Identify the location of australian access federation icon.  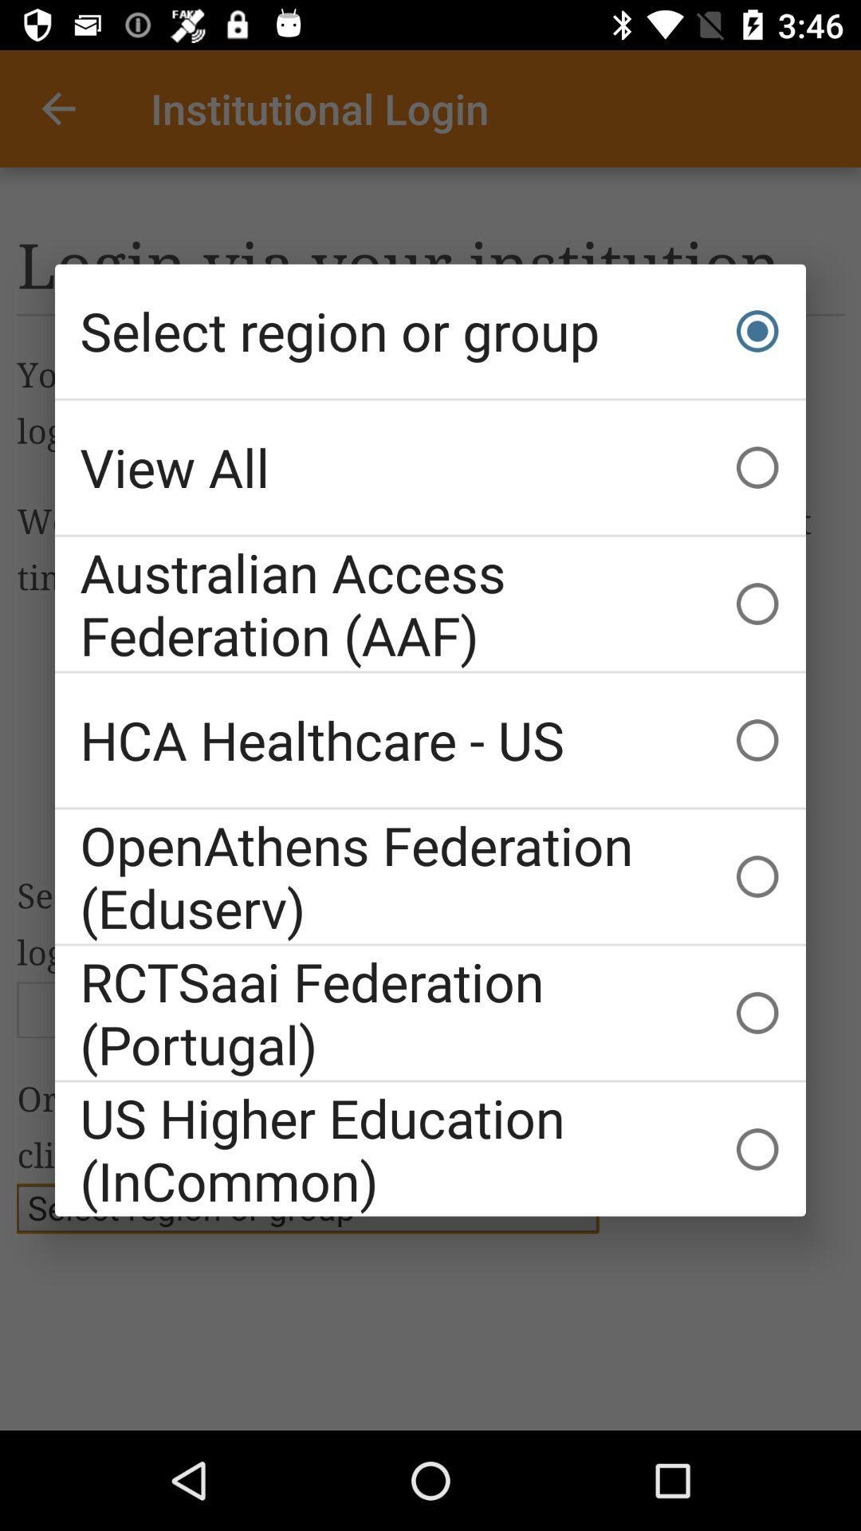
(431, 603).